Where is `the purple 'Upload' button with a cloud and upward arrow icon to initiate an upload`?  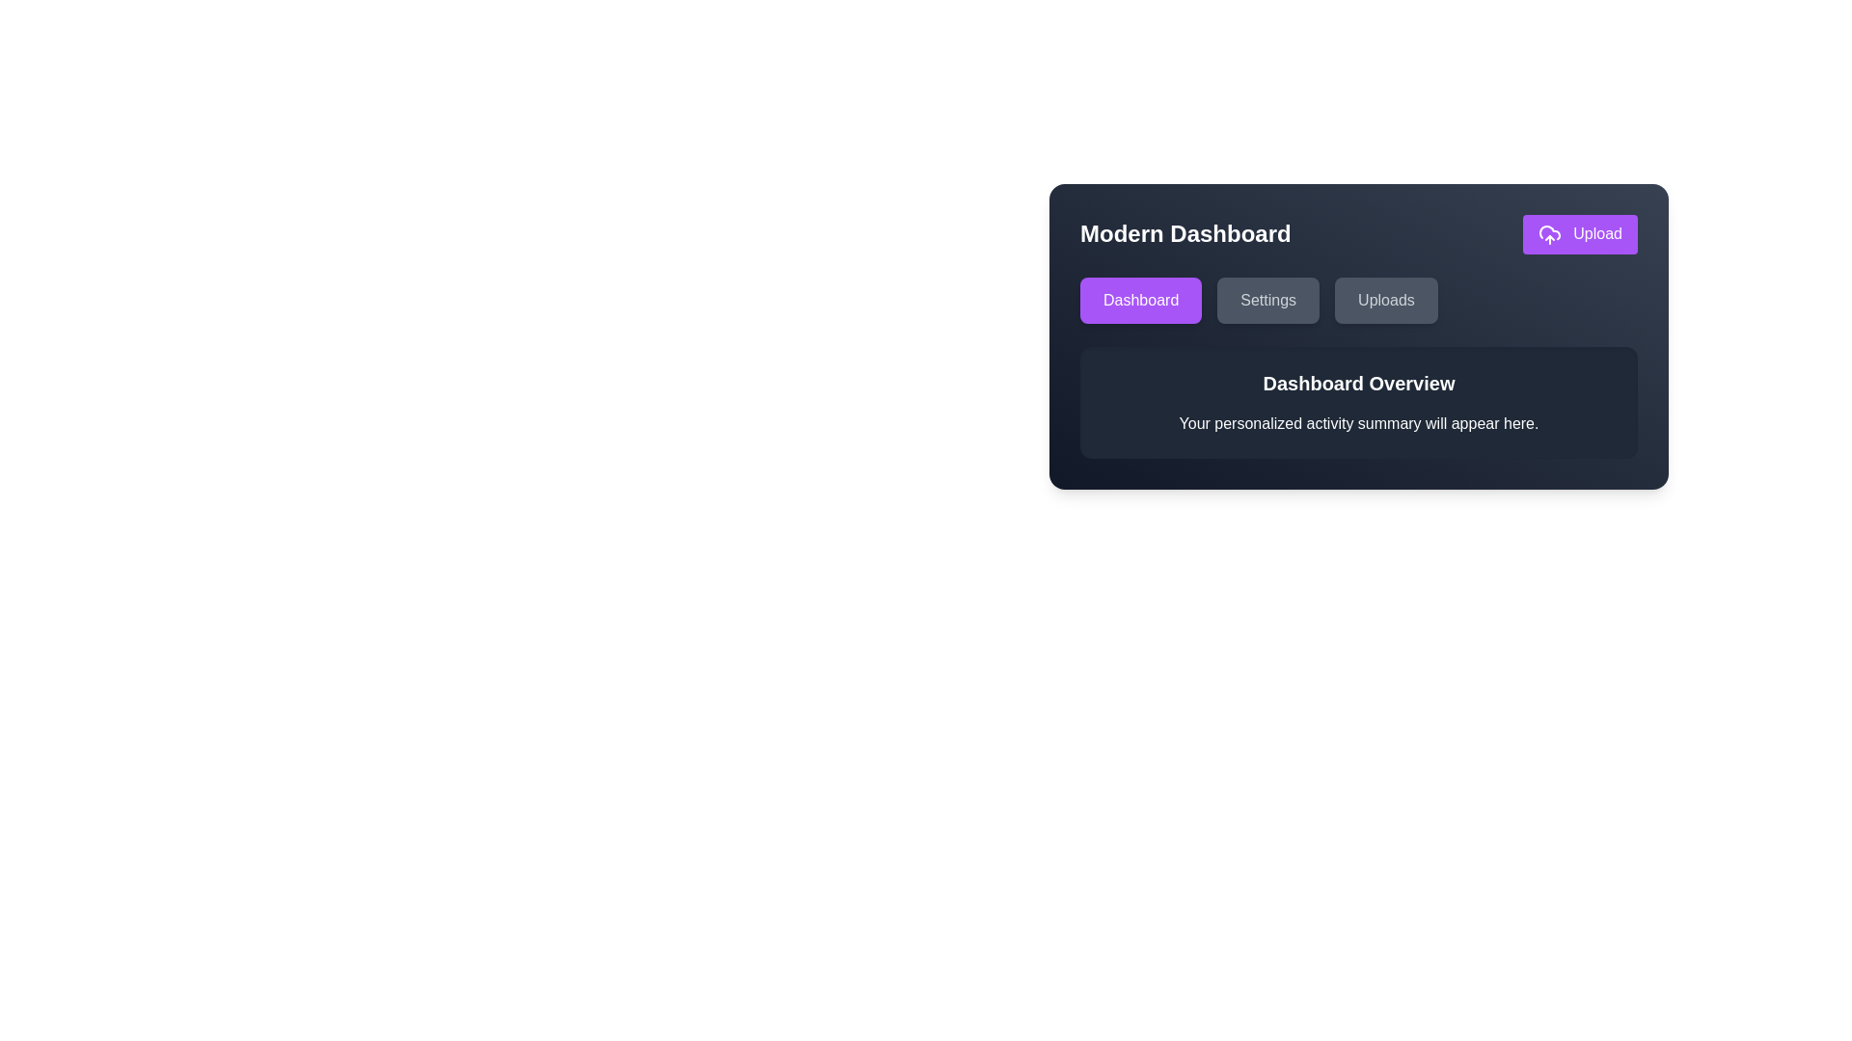
the purple 'Upload' button with a cloud and upward arrow icon to initiate an upload is located at coordinates (1580, 233).